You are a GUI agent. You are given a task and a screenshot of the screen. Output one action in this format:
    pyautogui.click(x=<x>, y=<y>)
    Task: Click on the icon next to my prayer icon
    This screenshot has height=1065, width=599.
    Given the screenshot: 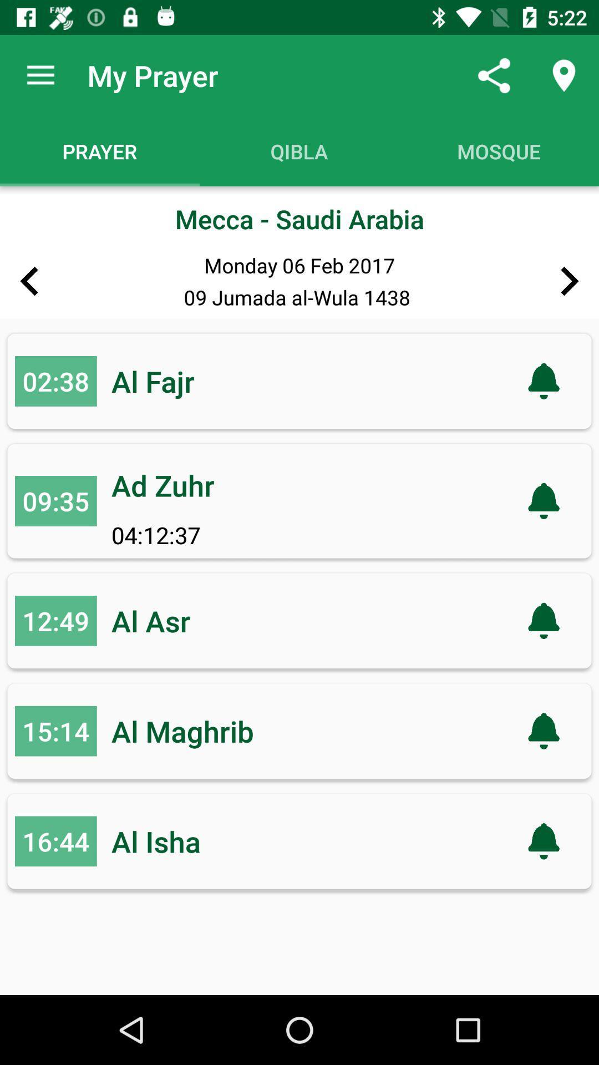 What is the action you would take?
    pyautogui.click(x=40, y=75)
    